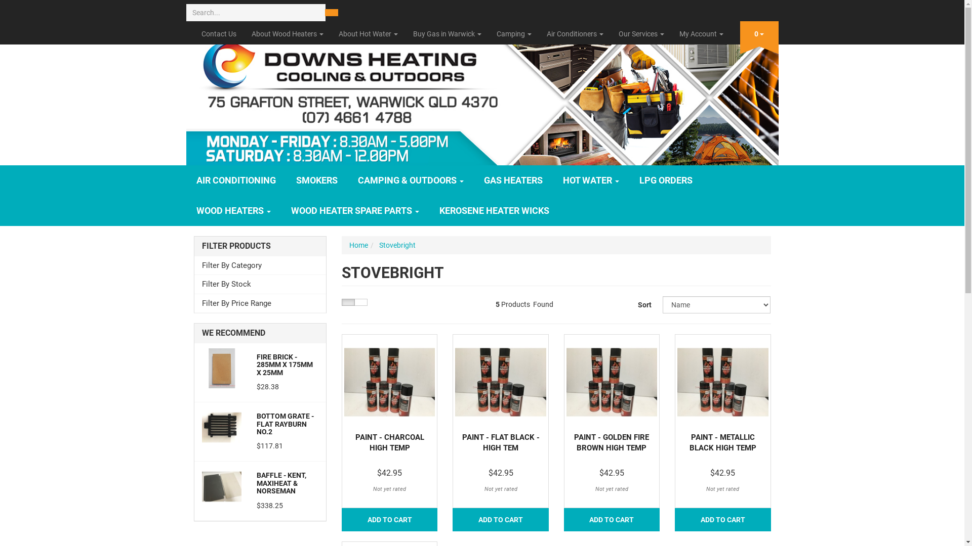 The height and width of the screenshot is (546, 972). What do you see at coordinates (368, 33) in the screenshot?
I see `'About Hot Water'` at bounding box center [368, 33].